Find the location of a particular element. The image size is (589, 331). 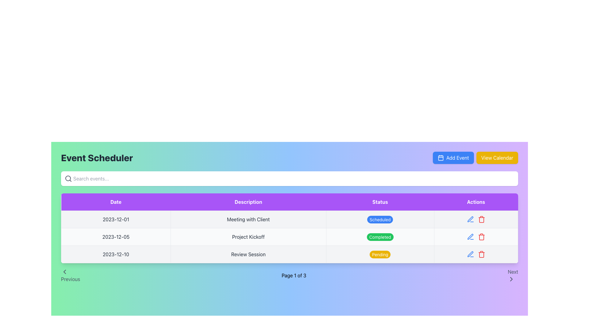

the Text input field located beneath the 'Event Scheduler' header is located at coordinates (289, 178).